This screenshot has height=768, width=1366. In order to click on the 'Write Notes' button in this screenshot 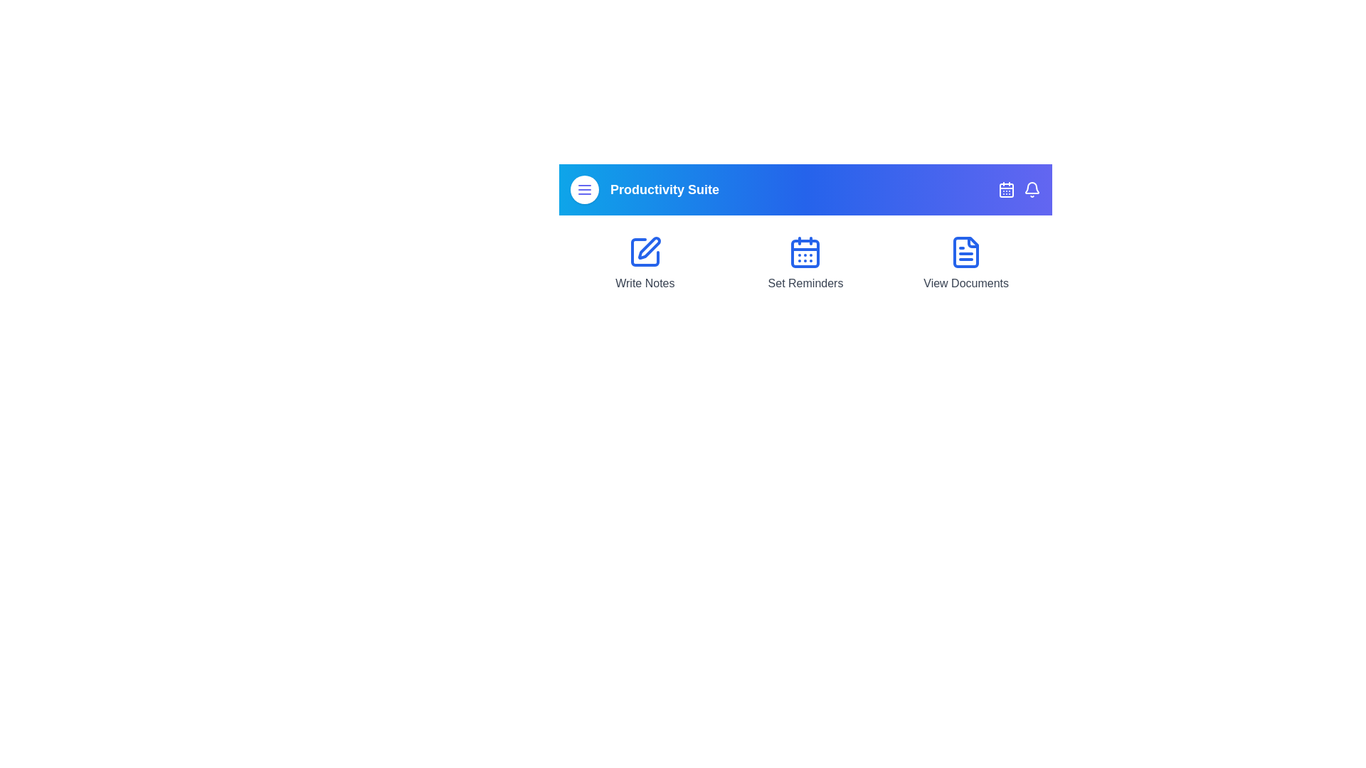, I will do `click(644, 263)`.